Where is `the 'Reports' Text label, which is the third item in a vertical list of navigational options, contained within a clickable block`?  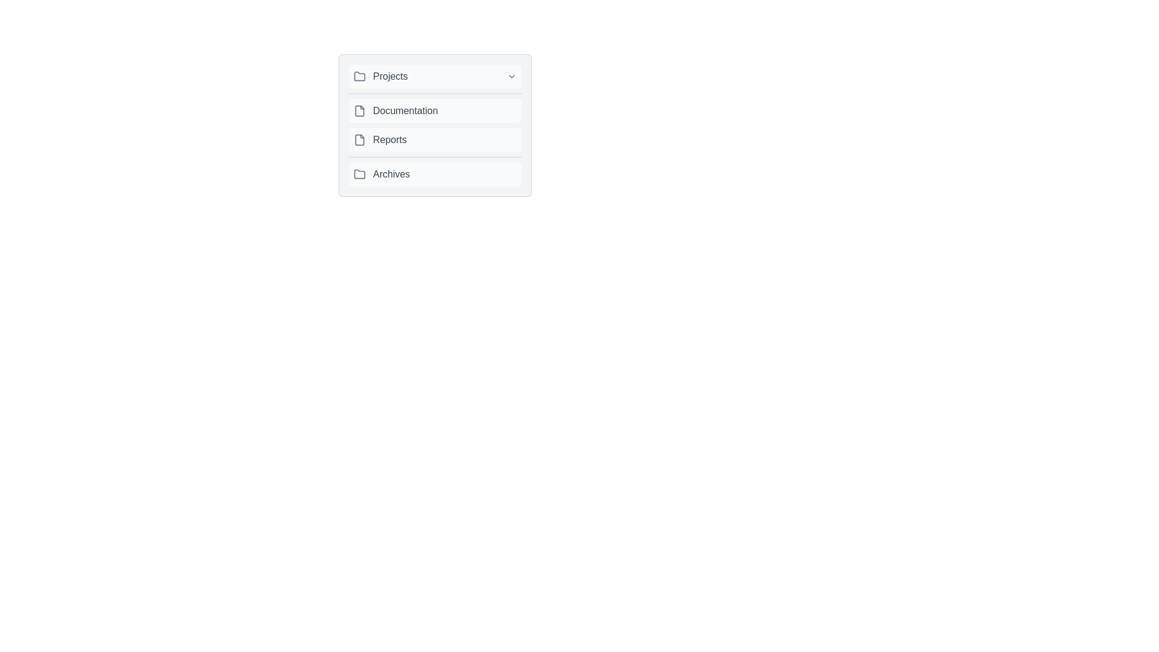
the 'Reports' Text label, which is the third item in a vertical list of navigational options, contained within a clickable block is located at coordinates (390, 139).